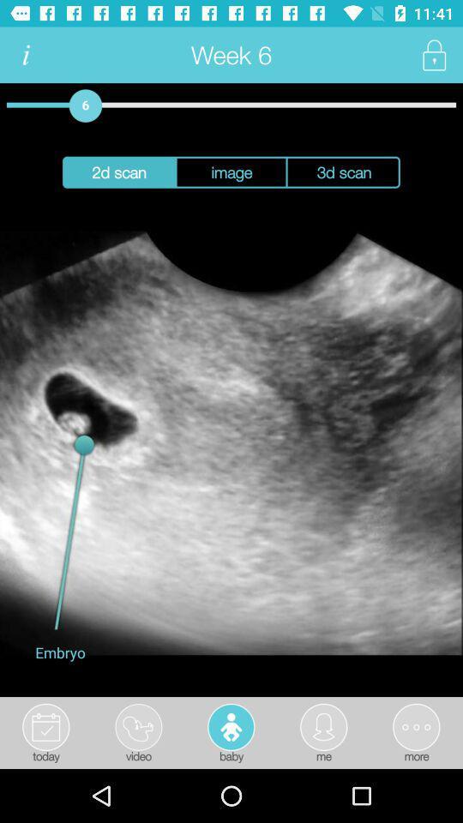 This screenshot has height=823, width=463. What do you see at coordinates (117, 172) in the screenshot?
I see `2d scan` at bounding box center [117, 172].